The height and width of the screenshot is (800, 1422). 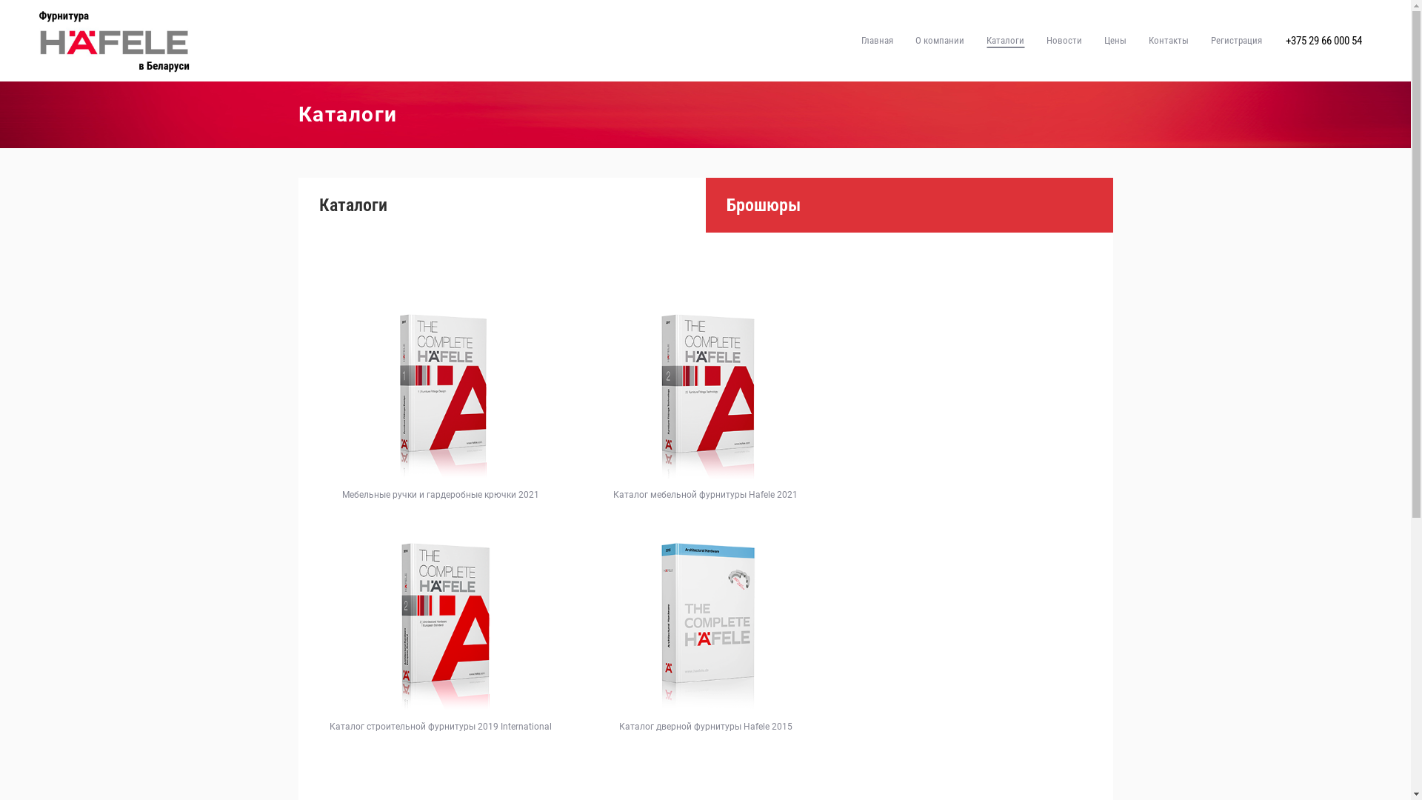 What do you see at coordinates (1285, 39) in the screenshot?
I see `'+375 29 66 000 54'` at bounding box center [1285, 39].